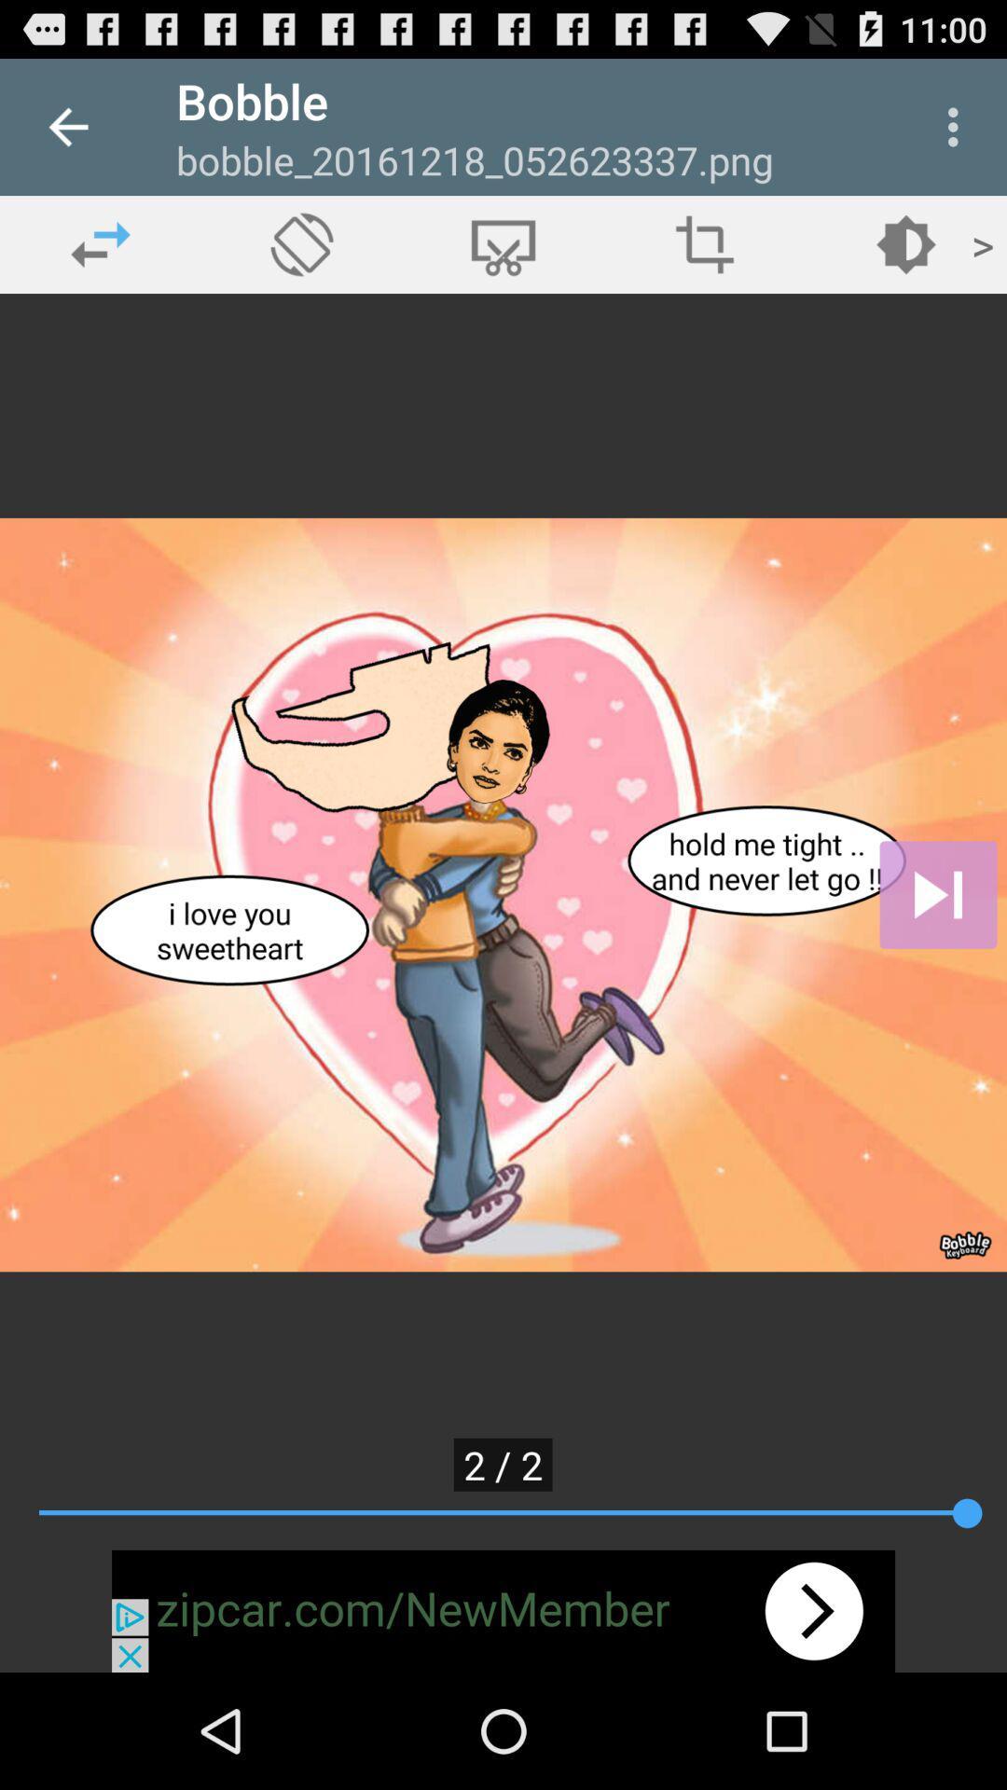  What do you see at coordinates (938, 895) in the screenshot?
I see `the skip_next icon` at bounding box center [938, 895].